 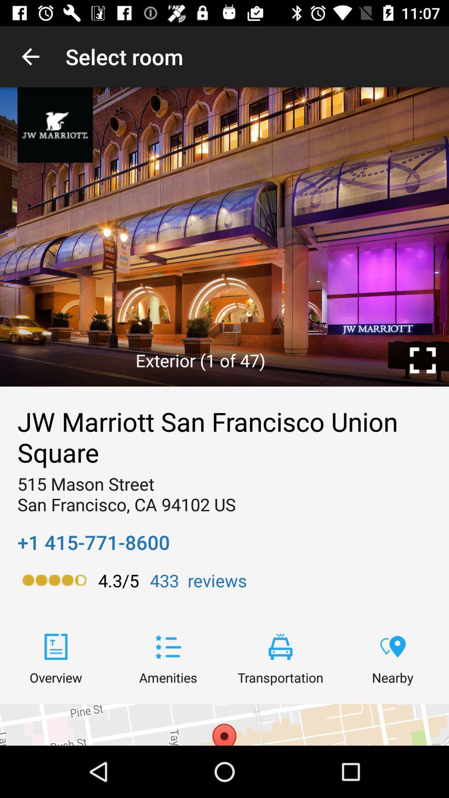 I want to click on the item above the 4.3/5 icon, so click(x=94, y=542).